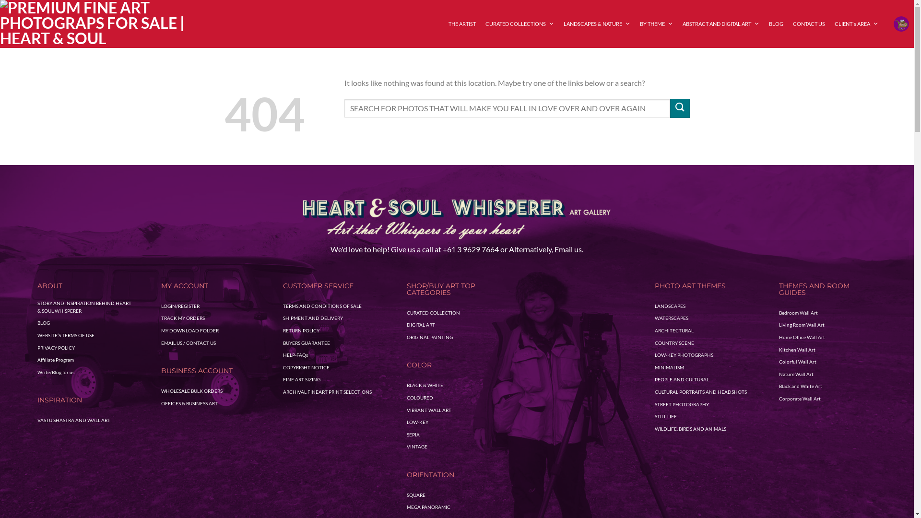 The height and width of the screenshot is (518, 921). Describe the element at coordinates (690, 428) in the screenshot. I see `'WILDLIFE, BIRDS AND ANIMALS'` at that location.